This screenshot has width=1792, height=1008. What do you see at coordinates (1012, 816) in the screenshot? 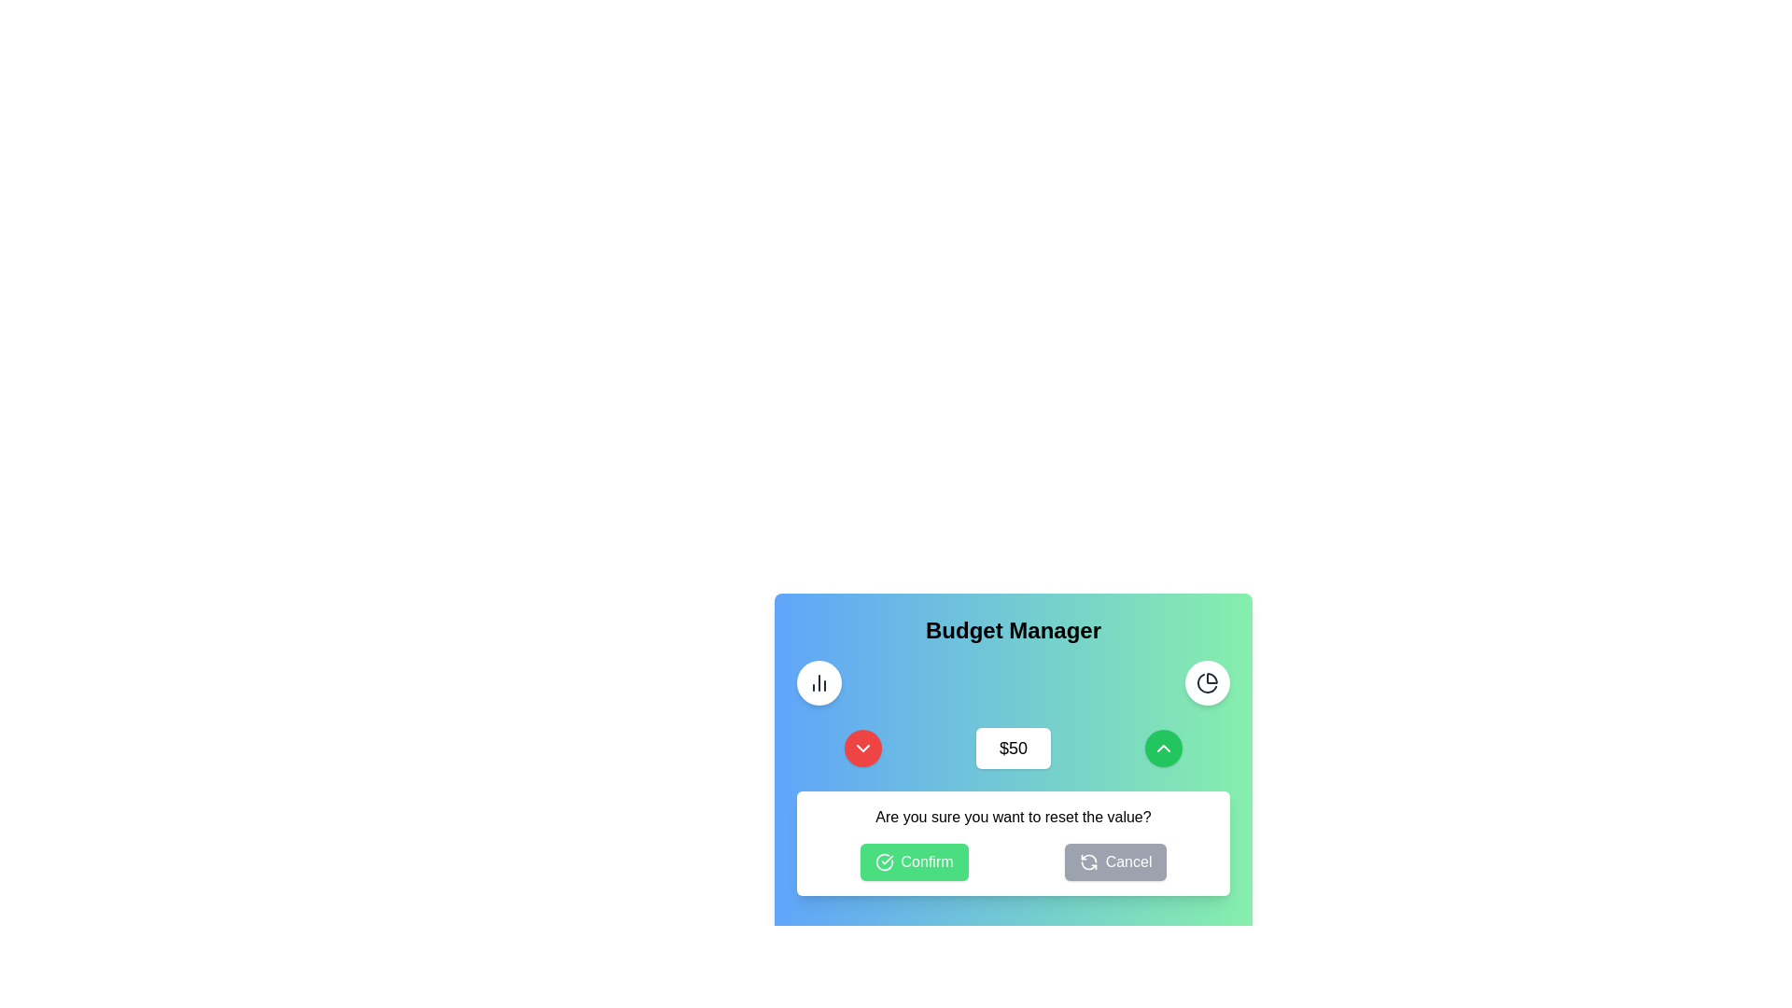
I see `text from the Text Label that says 'Are you sure you want to reset the value?'. This label is horizontally centered and positioned at the top of the dialog box, above the 'Confirm' and 'Cancel' buttons` at bounding box center [1012, 816].